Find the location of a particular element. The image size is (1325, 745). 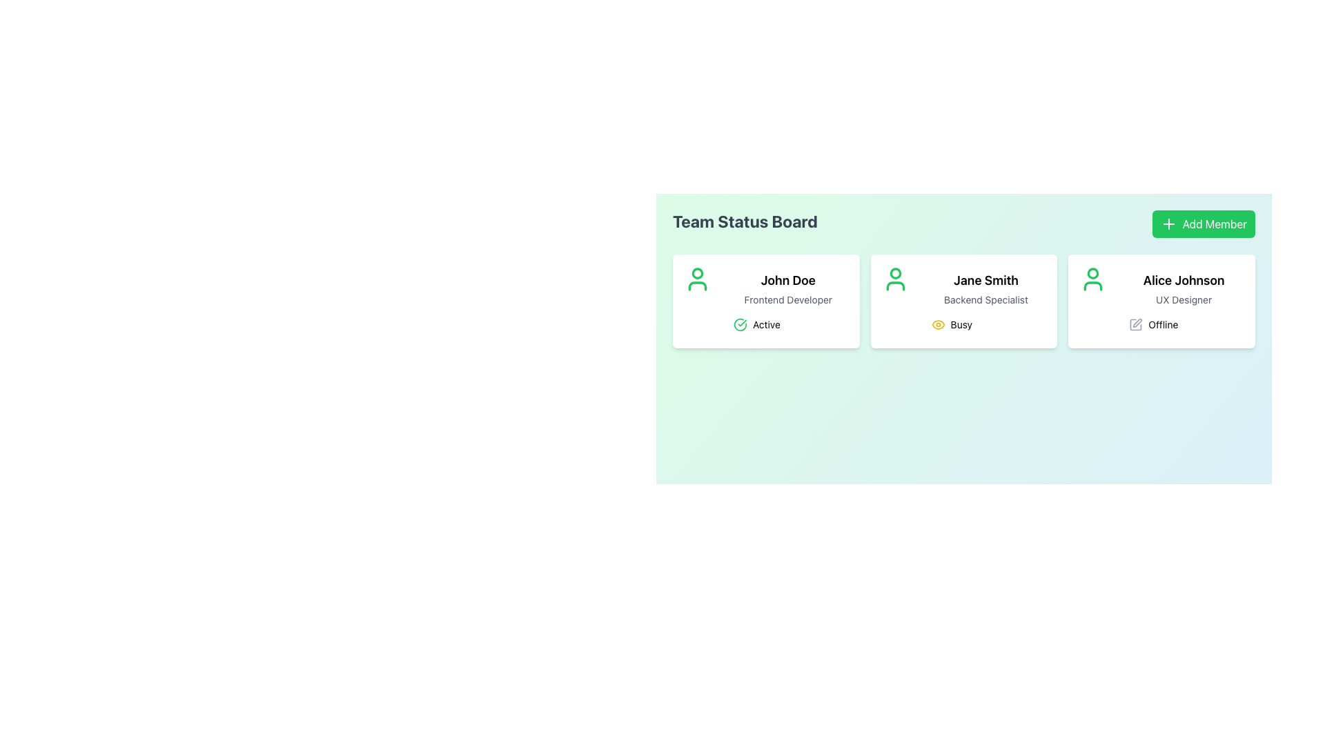

the user icon representing 'John Doe' located in the top-left corner of the card in the 'Team Status Board' is located at coordinates (698, 279).